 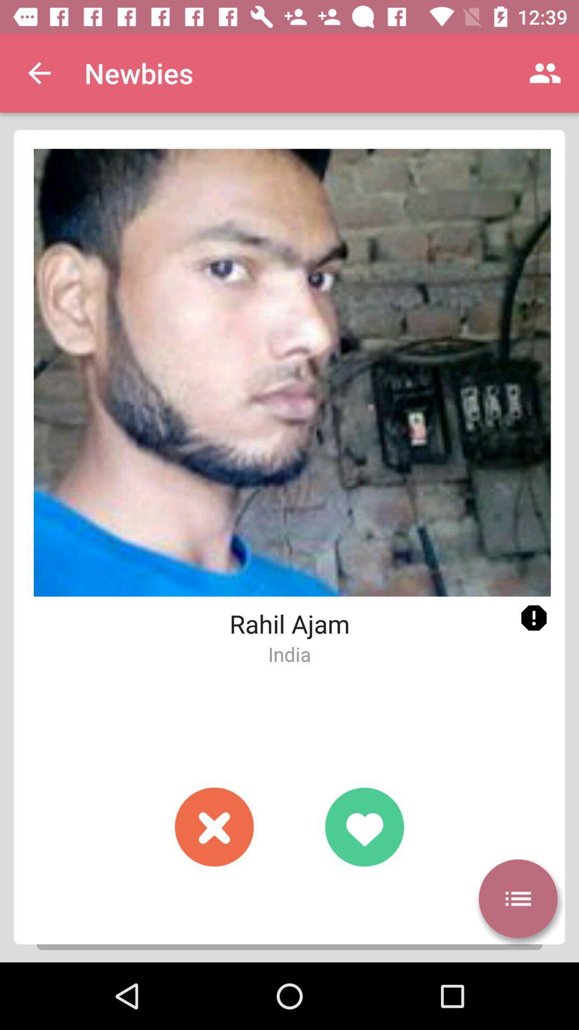 What do you see at coordinates (214, 826) in the screenshot?
I see `decline profile` at bounding box center [214, 826].